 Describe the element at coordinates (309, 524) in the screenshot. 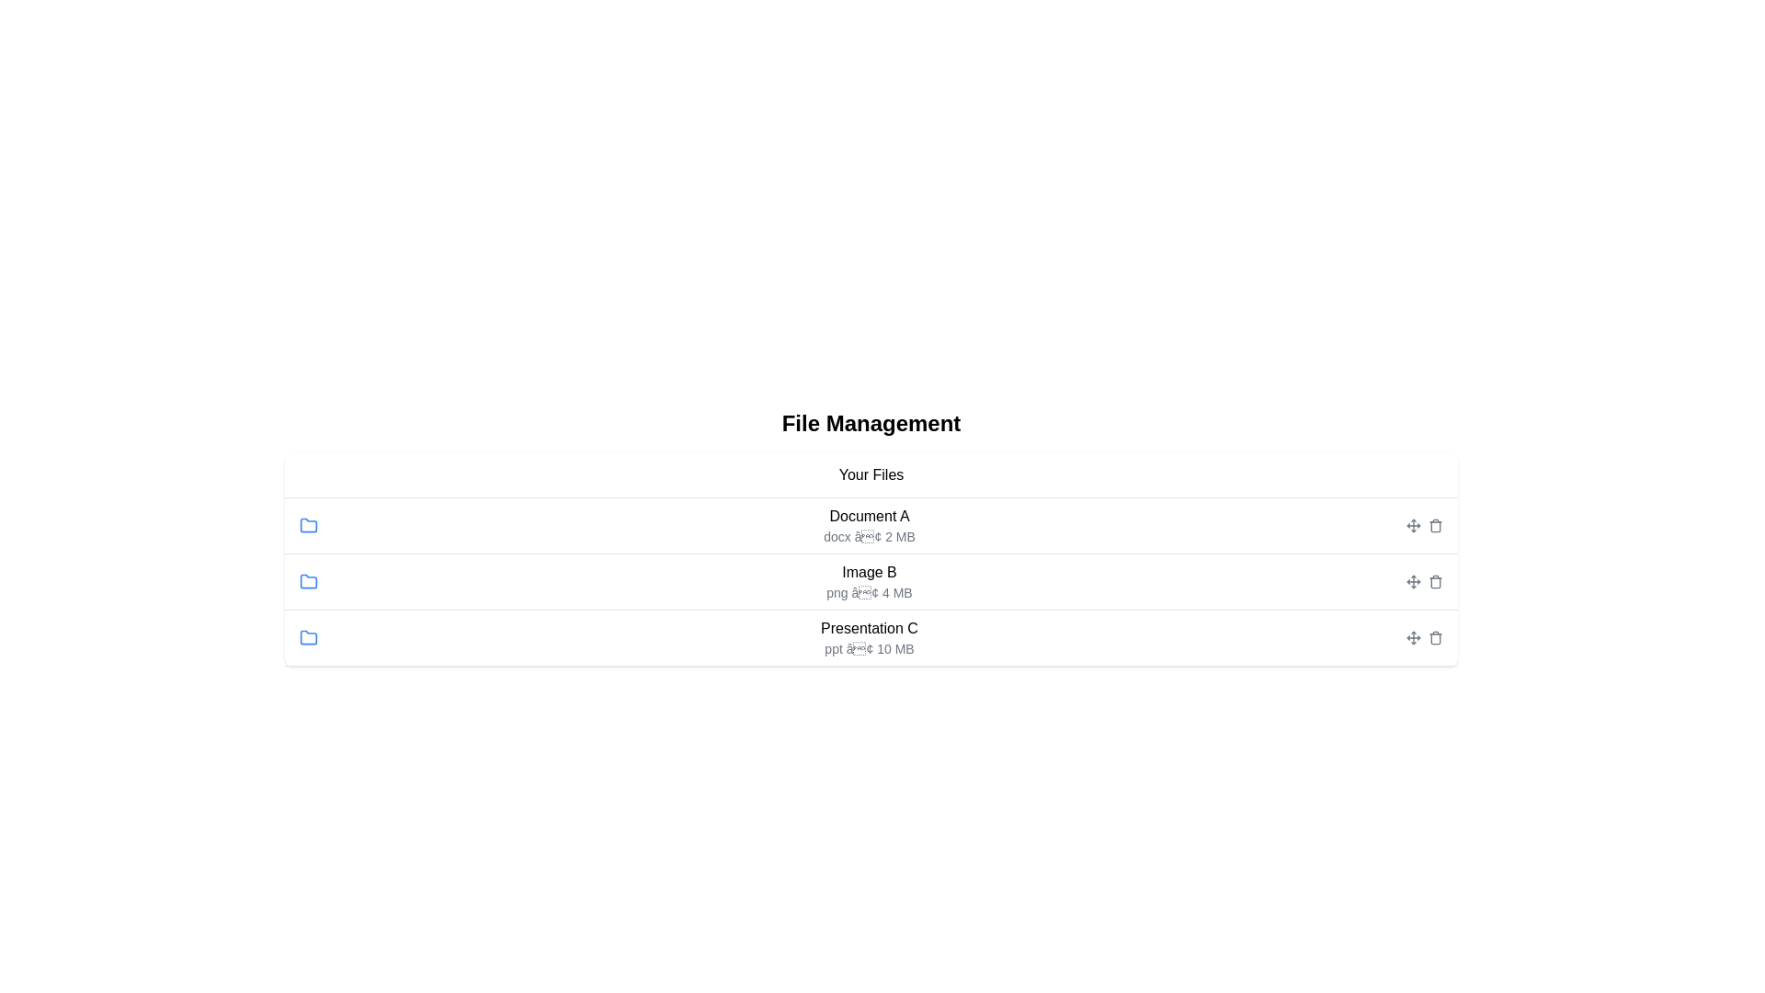

I see `the blue folder icon located to the left of the second row entry in the file list` at that location.